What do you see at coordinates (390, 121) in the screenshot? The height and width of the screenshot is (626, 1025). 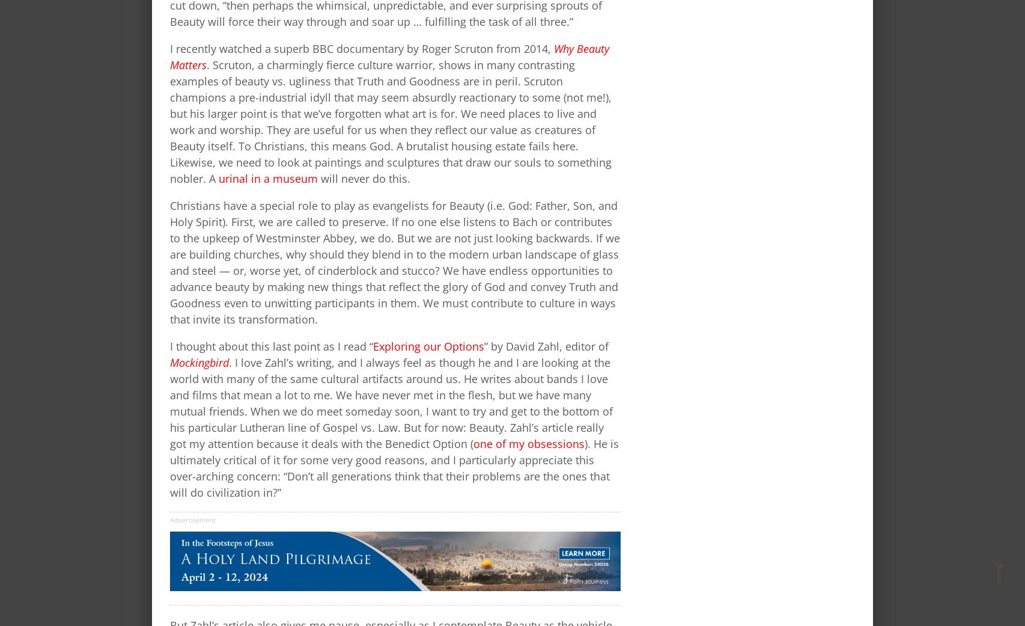 I see `'. Scruton, a charmingly fierce culture warrior, shows in many contrasting examples of beauty vs. ugliness that Truth and Goodness are in peril. Scruton champions a pre-industrial idyll that may seem absurdly reactionary to some (not me!), but his larger point is that we’ve forgotten what art is for. We need places to live and work and worship. They are useful for us when they reflect our value as creatures of Beauty itself. To Christians, this means God. A brutalist housing estate fails here. Likewise, we need to look at paintings and sculptures that draw our souls to something nobler. A'` at bounding box center [390, 121].